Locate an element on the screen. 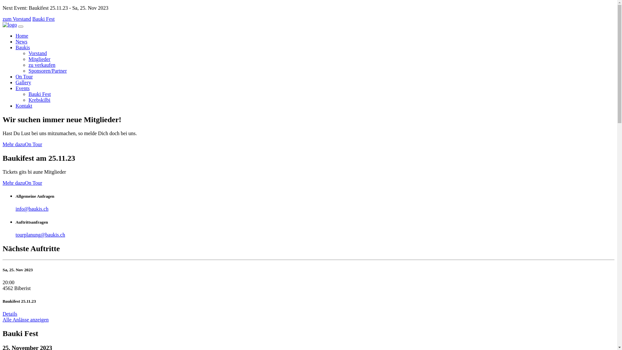 The image size is (622, 350). 'On Tour' is located at coordinates (24, 76).